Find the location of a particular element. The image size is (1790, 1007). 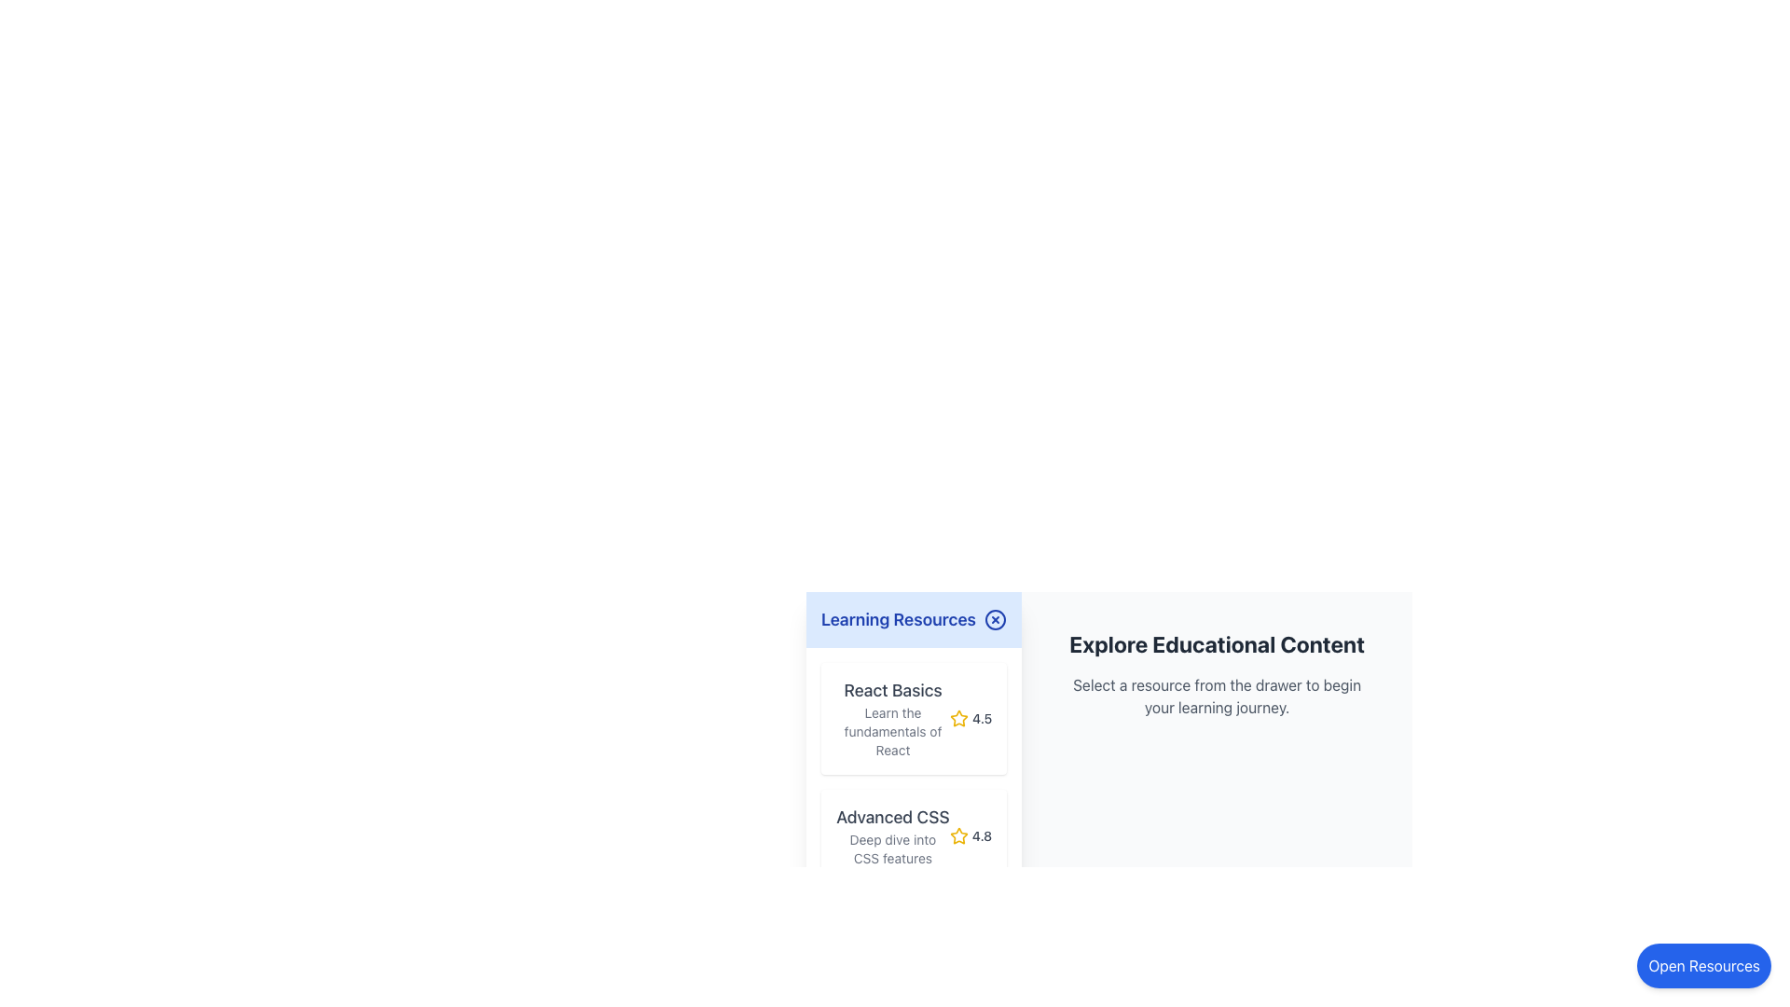

the star icon that displays the rating for the 'React Basics' course, located to the right of the descriptive text and below the main heading 'React Basics' is located at coordinates (970, 718).